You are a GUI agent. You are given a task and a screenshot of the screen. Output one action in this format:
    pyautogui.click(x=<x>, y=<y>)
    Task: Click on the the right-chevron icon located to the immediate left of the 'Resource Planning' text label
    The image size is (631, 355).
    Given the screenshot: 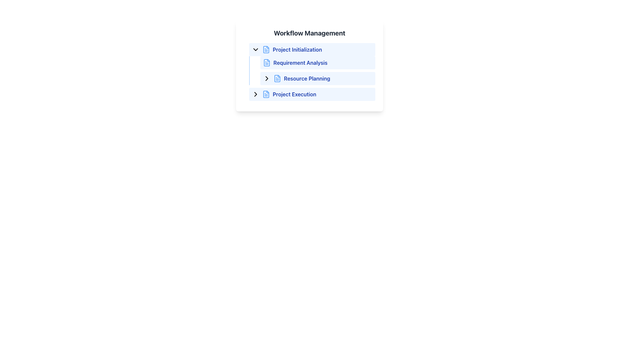 What is the action you would take?
    pyautogui.click(x=267, y=78)
    